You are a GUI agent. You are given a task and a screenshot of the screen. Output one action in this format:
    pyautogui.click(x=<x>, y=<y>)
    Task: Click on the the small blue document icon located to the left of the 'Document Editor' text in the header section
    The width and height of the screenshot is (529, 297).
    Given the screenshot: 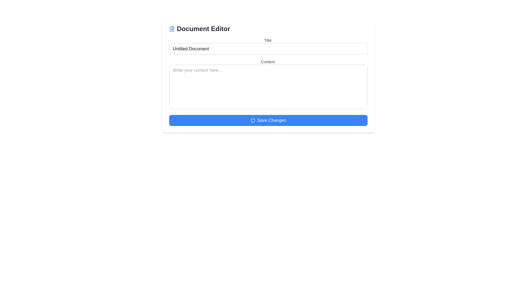 What is the action you would take?
    pyautogui.click(x=172, y=29)
    